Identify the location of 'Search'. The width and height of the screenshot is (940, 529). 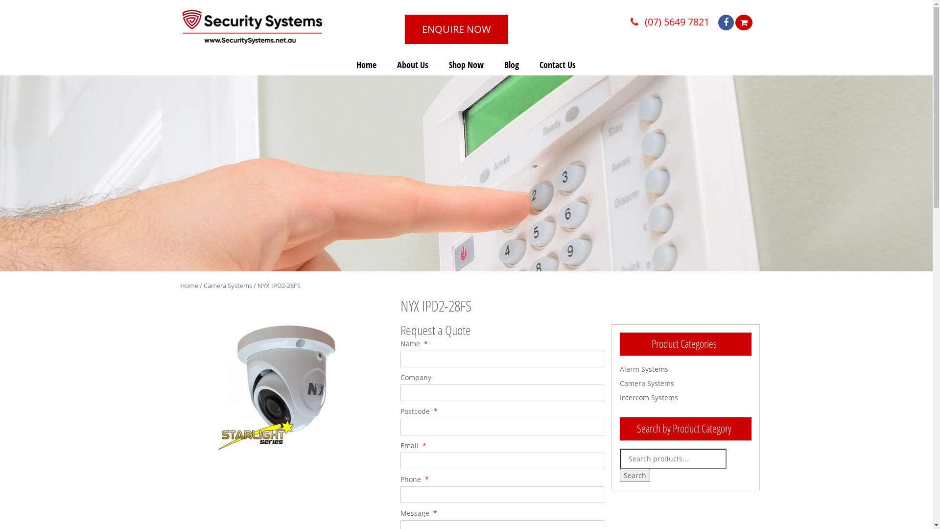
(634, 475).